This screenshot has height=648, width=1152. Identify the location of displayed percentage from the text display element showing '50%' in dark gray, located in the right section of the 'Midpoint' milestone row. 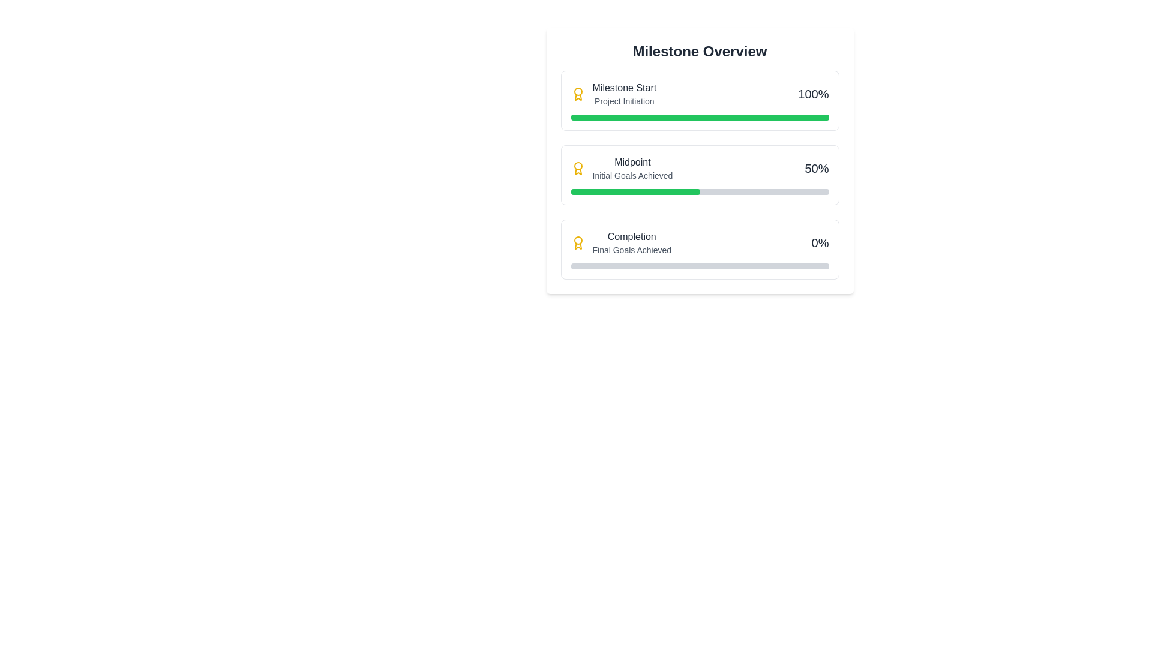
(816, 169).